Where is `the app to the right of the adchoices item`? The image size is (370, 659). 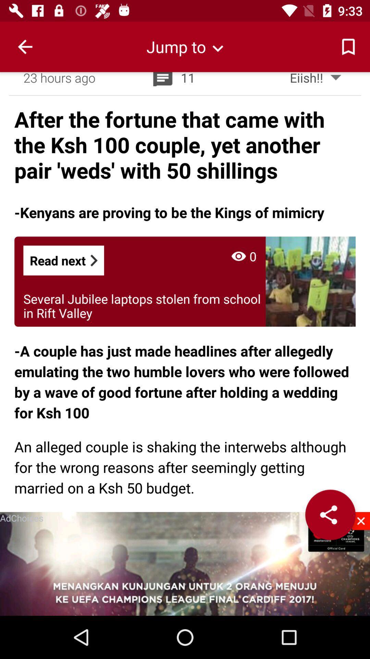
the app to the right of the adchoices item is located at coordinates (330, 515).